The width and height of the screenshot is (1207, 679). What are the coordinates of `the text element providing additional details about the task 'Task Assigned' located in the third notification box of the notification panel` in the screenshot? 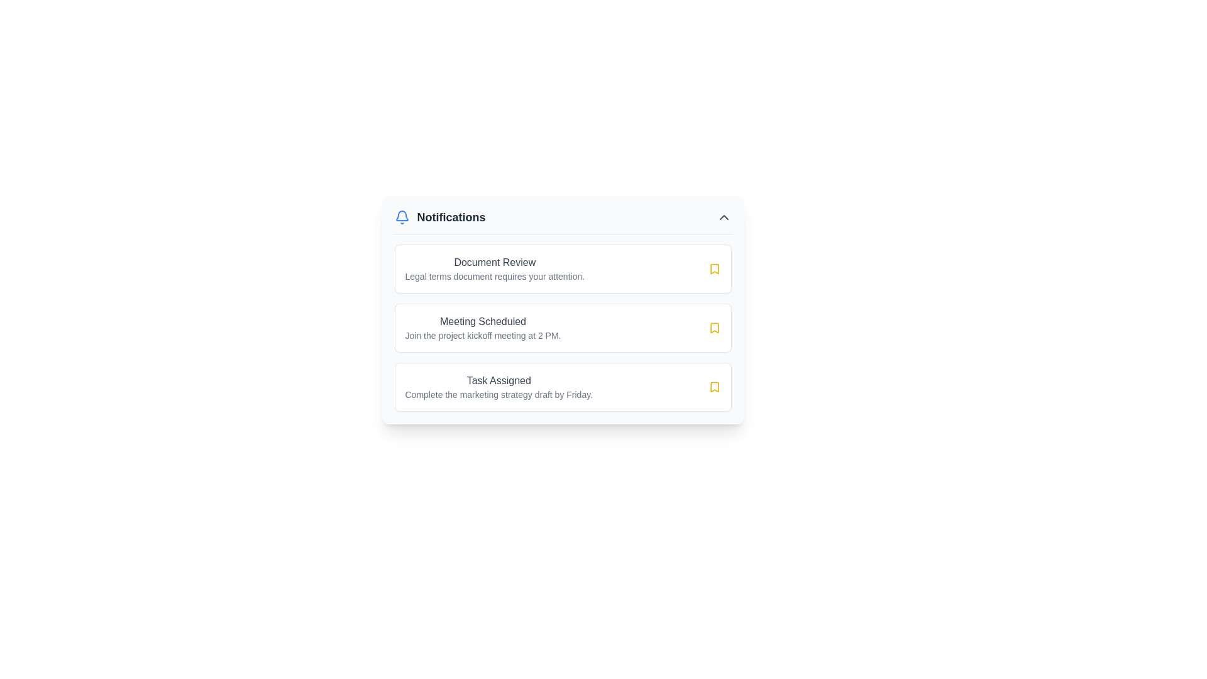 It's located at (498, 394).